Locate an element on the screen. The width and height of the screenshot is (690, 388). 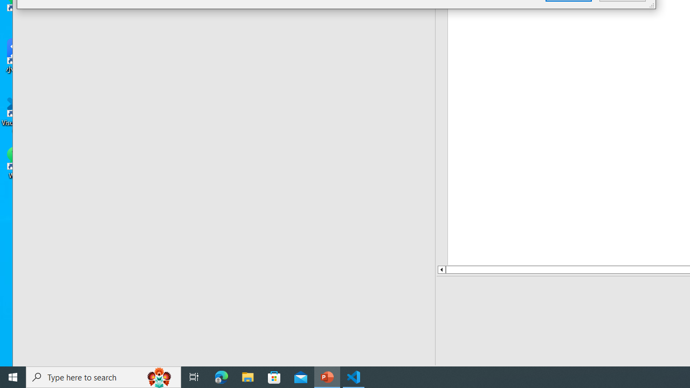
'Task View' is located at coordinates (194, 376).